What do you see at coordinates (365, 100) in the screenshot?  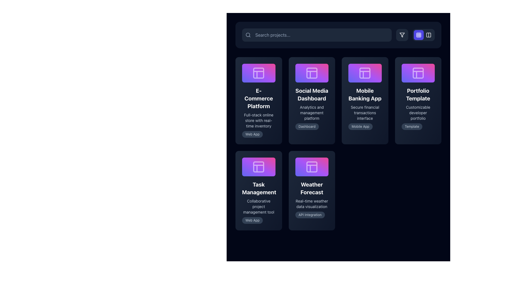 I see `the 'Mobile Banking App' card, which is the third card in the first row of a grid layout, for rearrangement` at bounding box center [365, 100].